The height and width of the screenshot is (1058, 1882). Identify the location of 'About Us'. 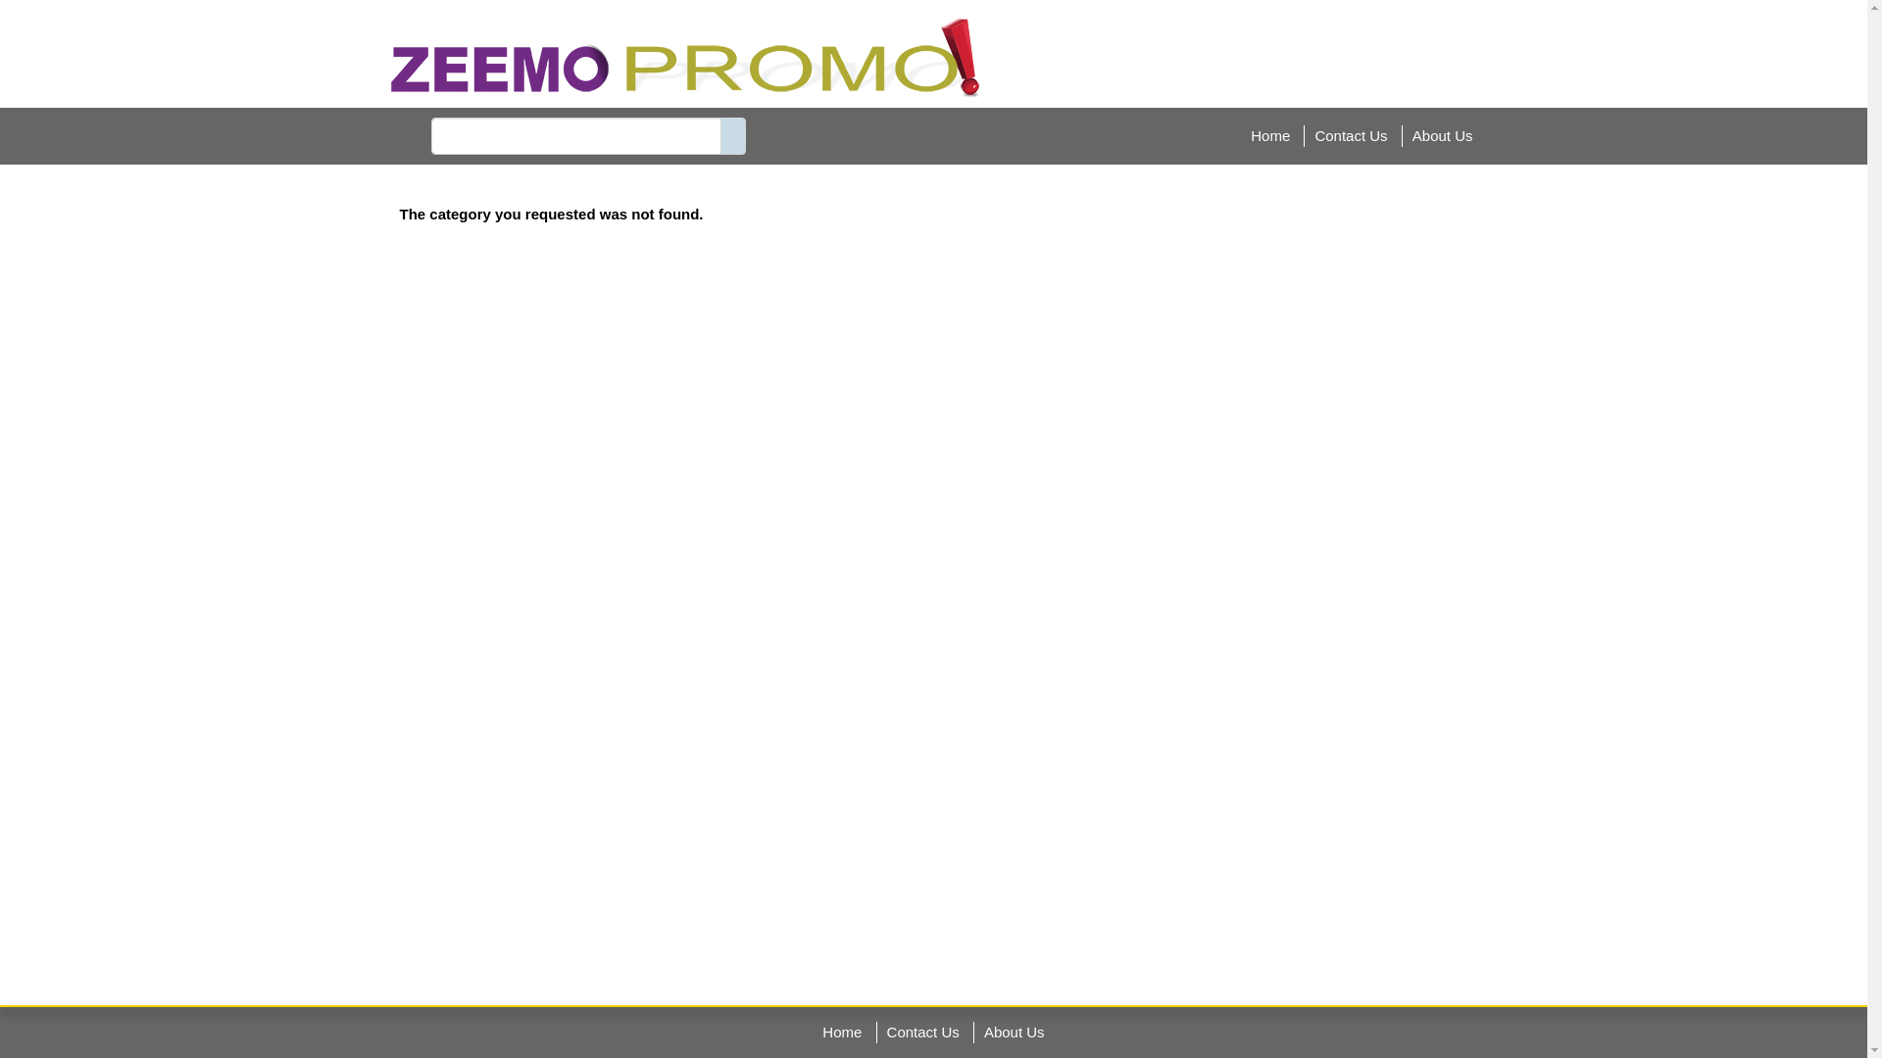
(1411, 134).